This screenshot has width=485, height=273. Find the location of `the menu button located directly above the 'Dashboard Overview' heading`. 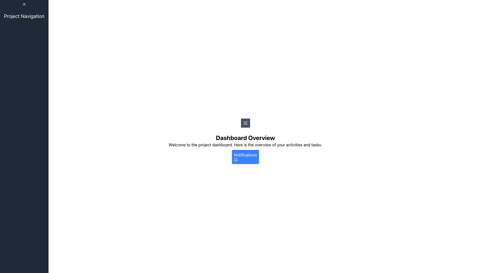

the menu button located directly above the 'Dashboard Overview' heading is located at coordinates (245, 123).